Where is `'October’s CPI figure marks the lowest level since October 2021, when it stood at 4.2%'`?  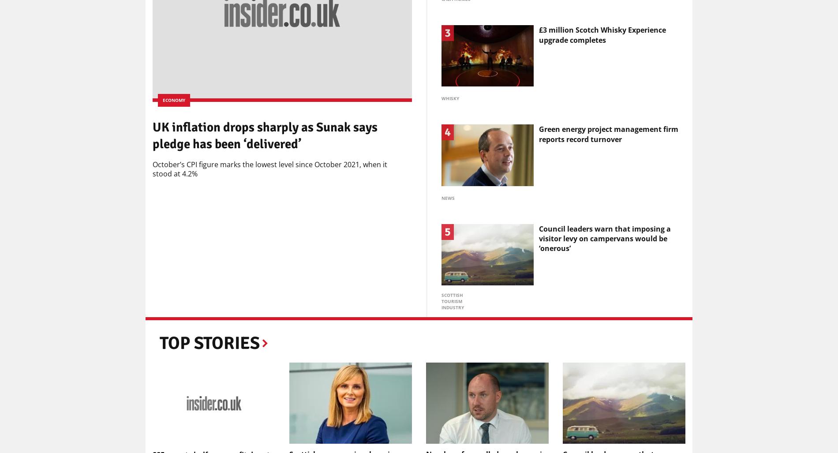
'October’s CPI figure marks the lowest level since October 2021, when it stood at 4.2%' is located at coordinates (269, 169).